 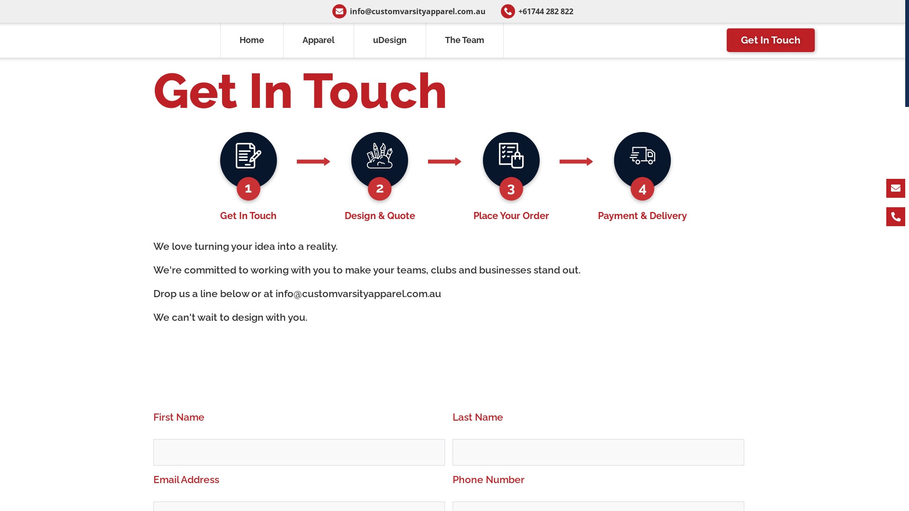 I want to click on 'The Team', so click(x=465, y=39).